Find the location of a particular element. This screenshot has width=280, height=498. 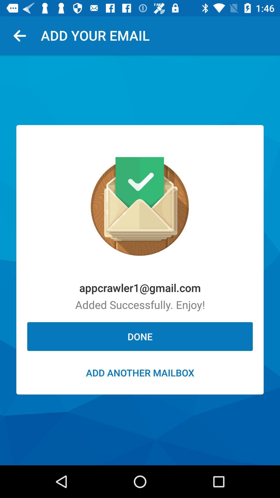

item below the done item is located at coordinates (140, 372).